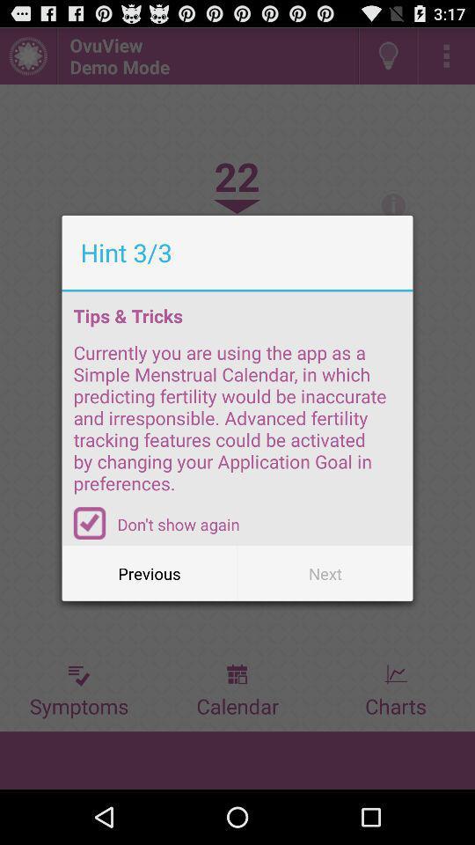 The width and height of the screenshot is (475, 845). Describe the element at coordinates (90, 523) in the screenshot. I see `the icon next to don t show app` at that location.